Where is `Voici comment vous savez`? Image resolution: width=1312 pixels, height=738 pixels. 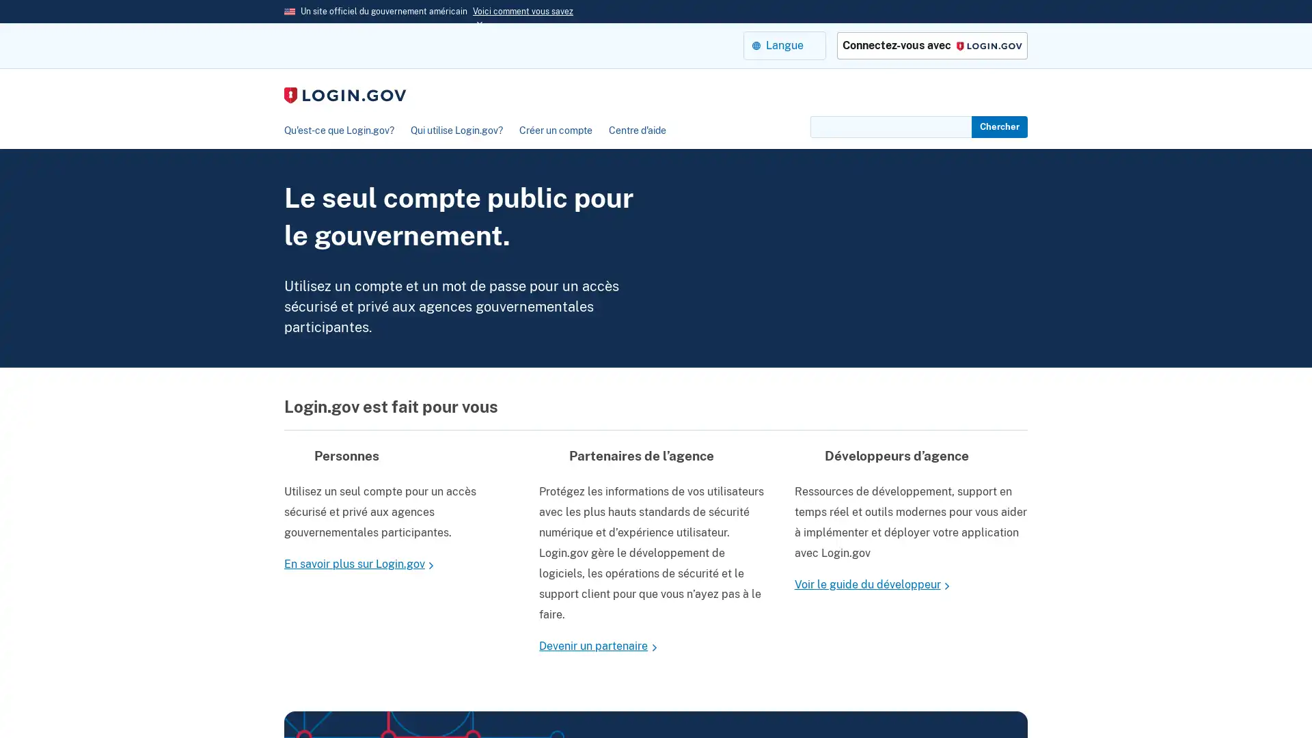
Voici comment vous savez is located at coordinates (522, 11).